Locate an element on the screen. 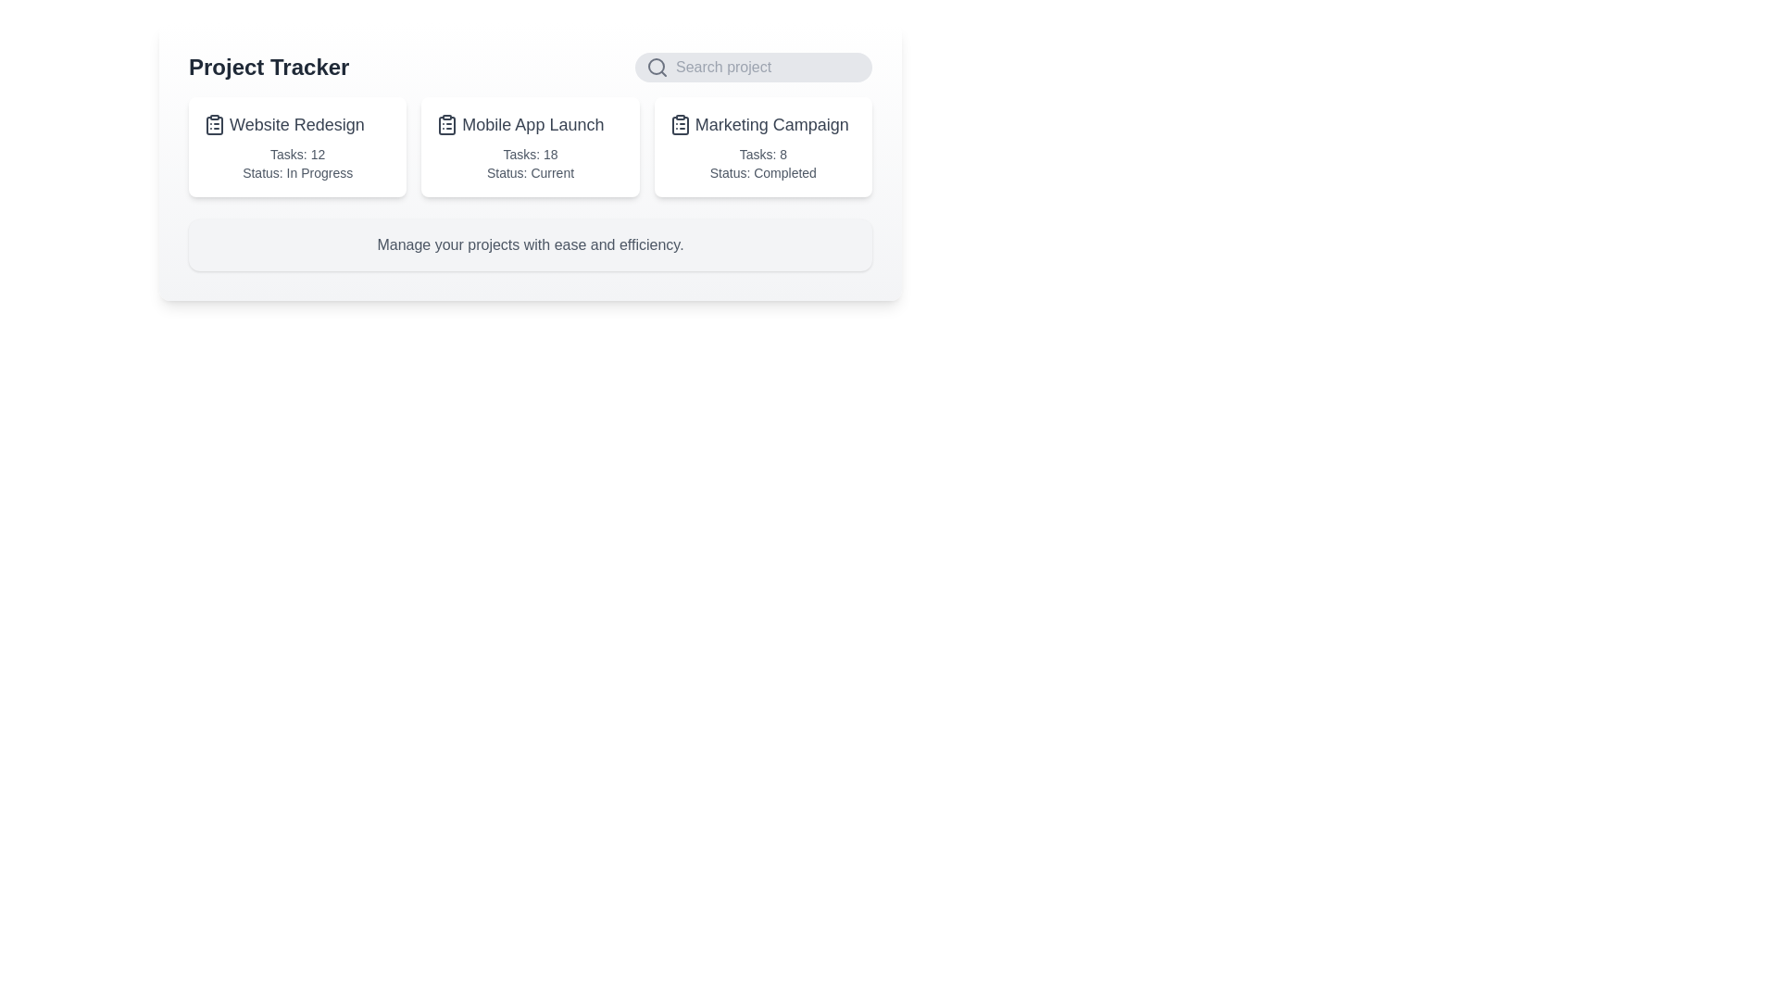  the project is located at coordinates (529, 125).